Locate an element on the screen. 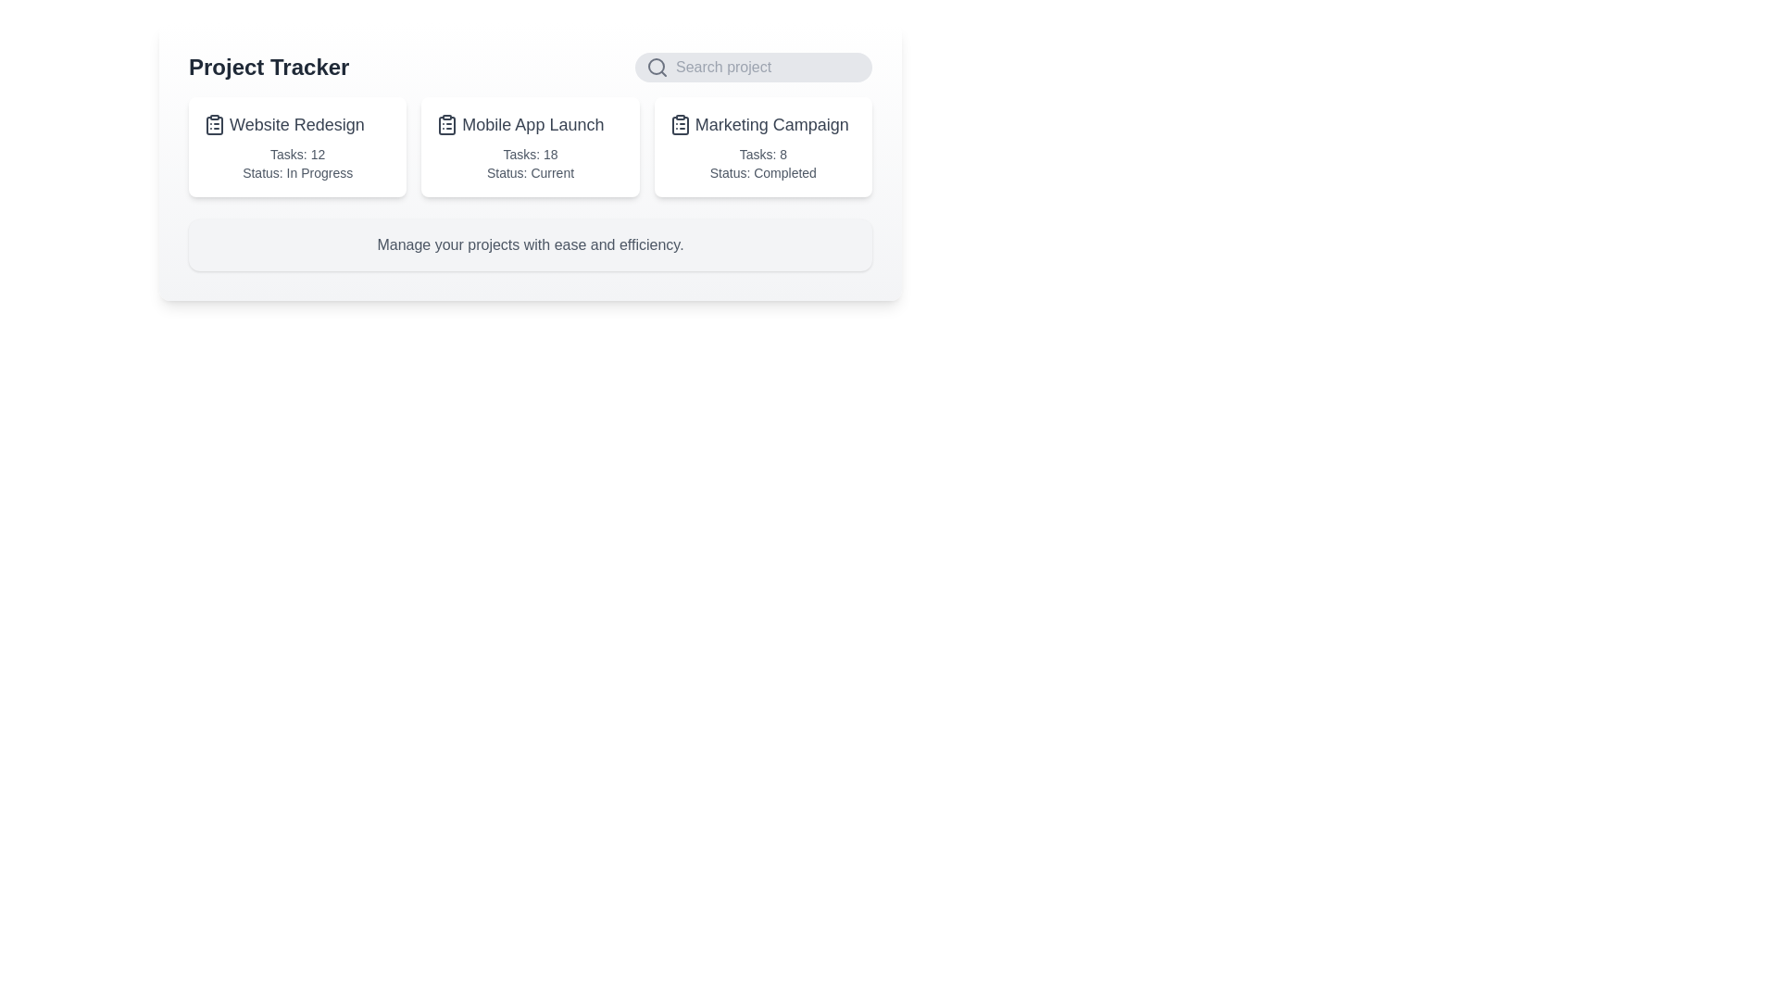  the project is located at coordinates (529, 125).